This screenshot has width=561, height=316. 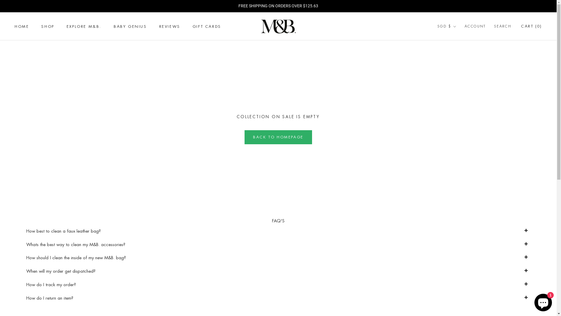 I want to click on 'CART (0)', so click(x=531, y=26).